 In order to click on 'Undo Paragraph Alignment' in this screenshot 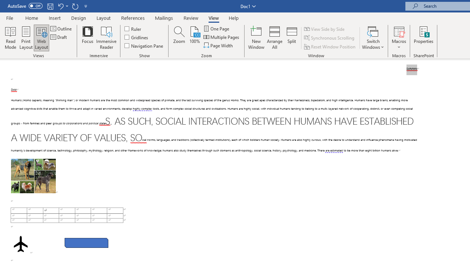, I will do `click(60, 6)`.